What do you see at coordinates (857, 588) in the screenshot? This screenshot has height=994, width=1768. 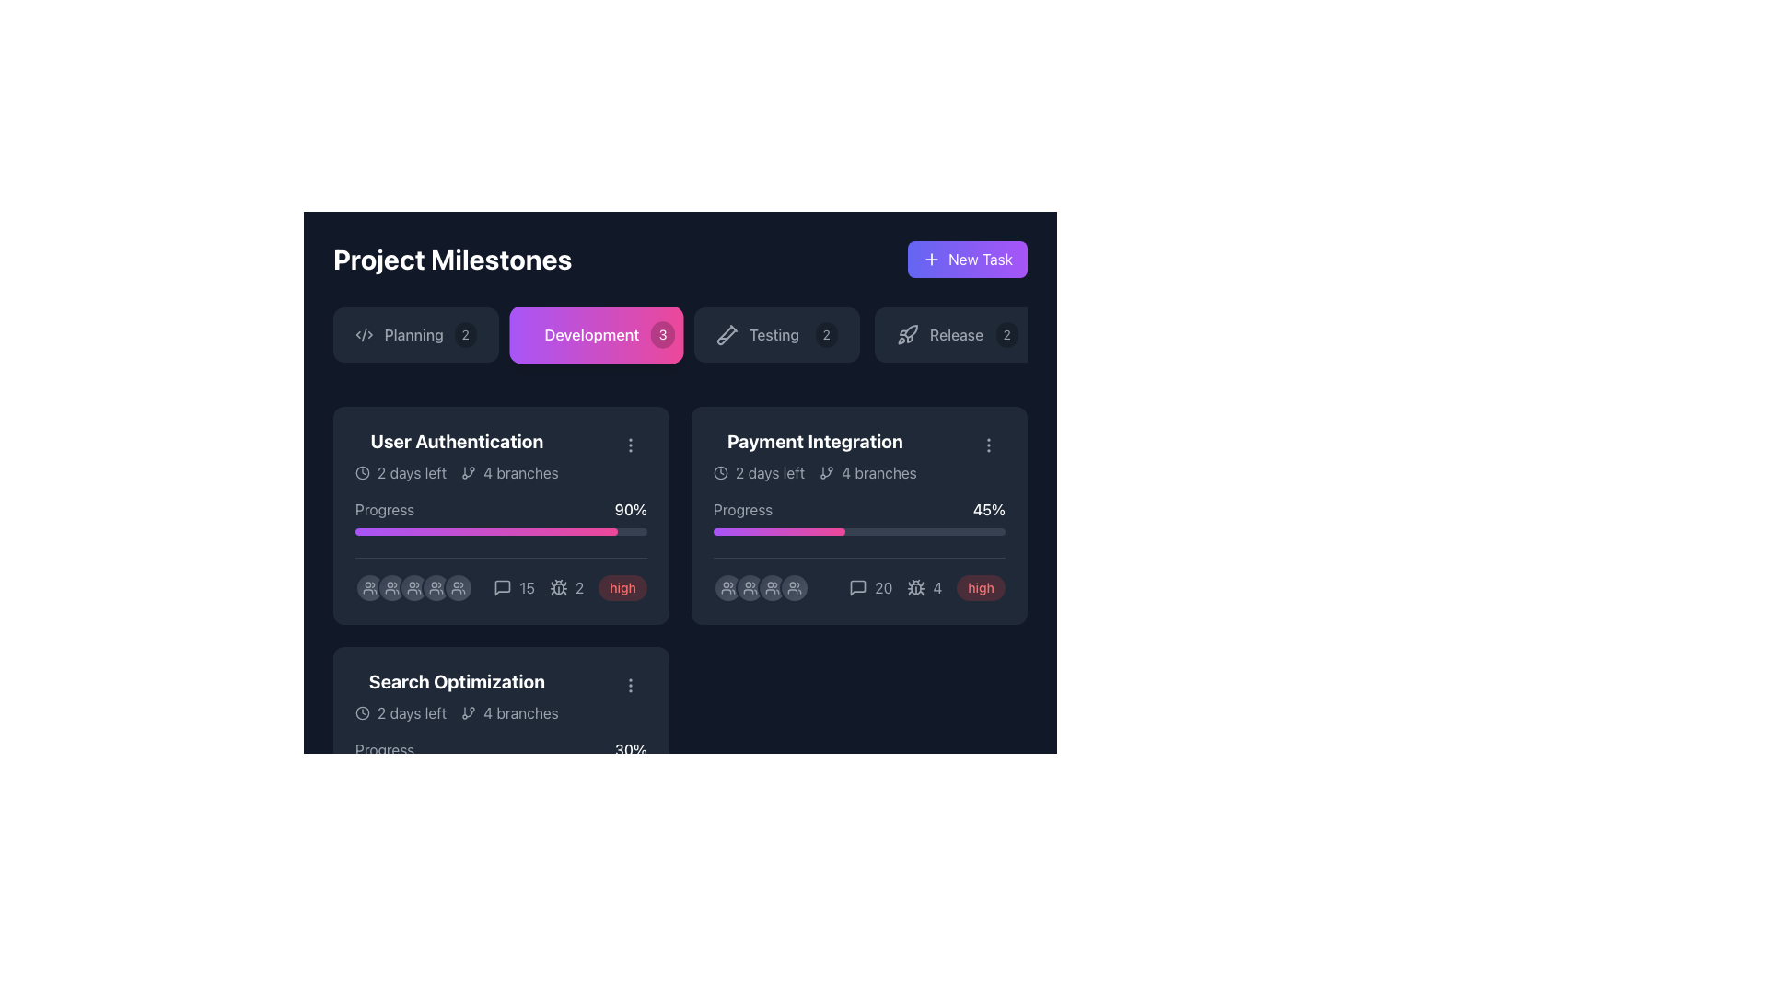 I see `the small square-shaped icon resembling a conversation bubble located in the bottom-right corner of the 'Payment Integration' card` at bounding box center [857, 588].